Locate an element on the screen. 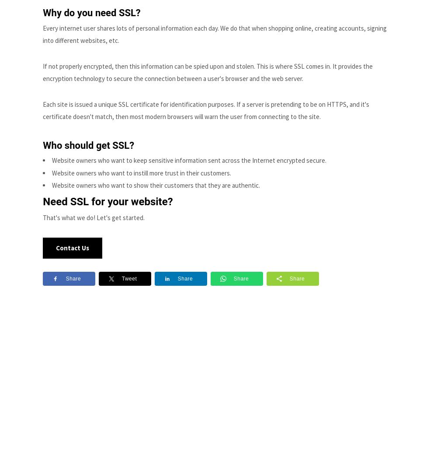 Image resolution: width=437 pixels, height=456 pixels. 'Website owners who want to instill more trust in their customers.' is located at coordinates (52, 172).